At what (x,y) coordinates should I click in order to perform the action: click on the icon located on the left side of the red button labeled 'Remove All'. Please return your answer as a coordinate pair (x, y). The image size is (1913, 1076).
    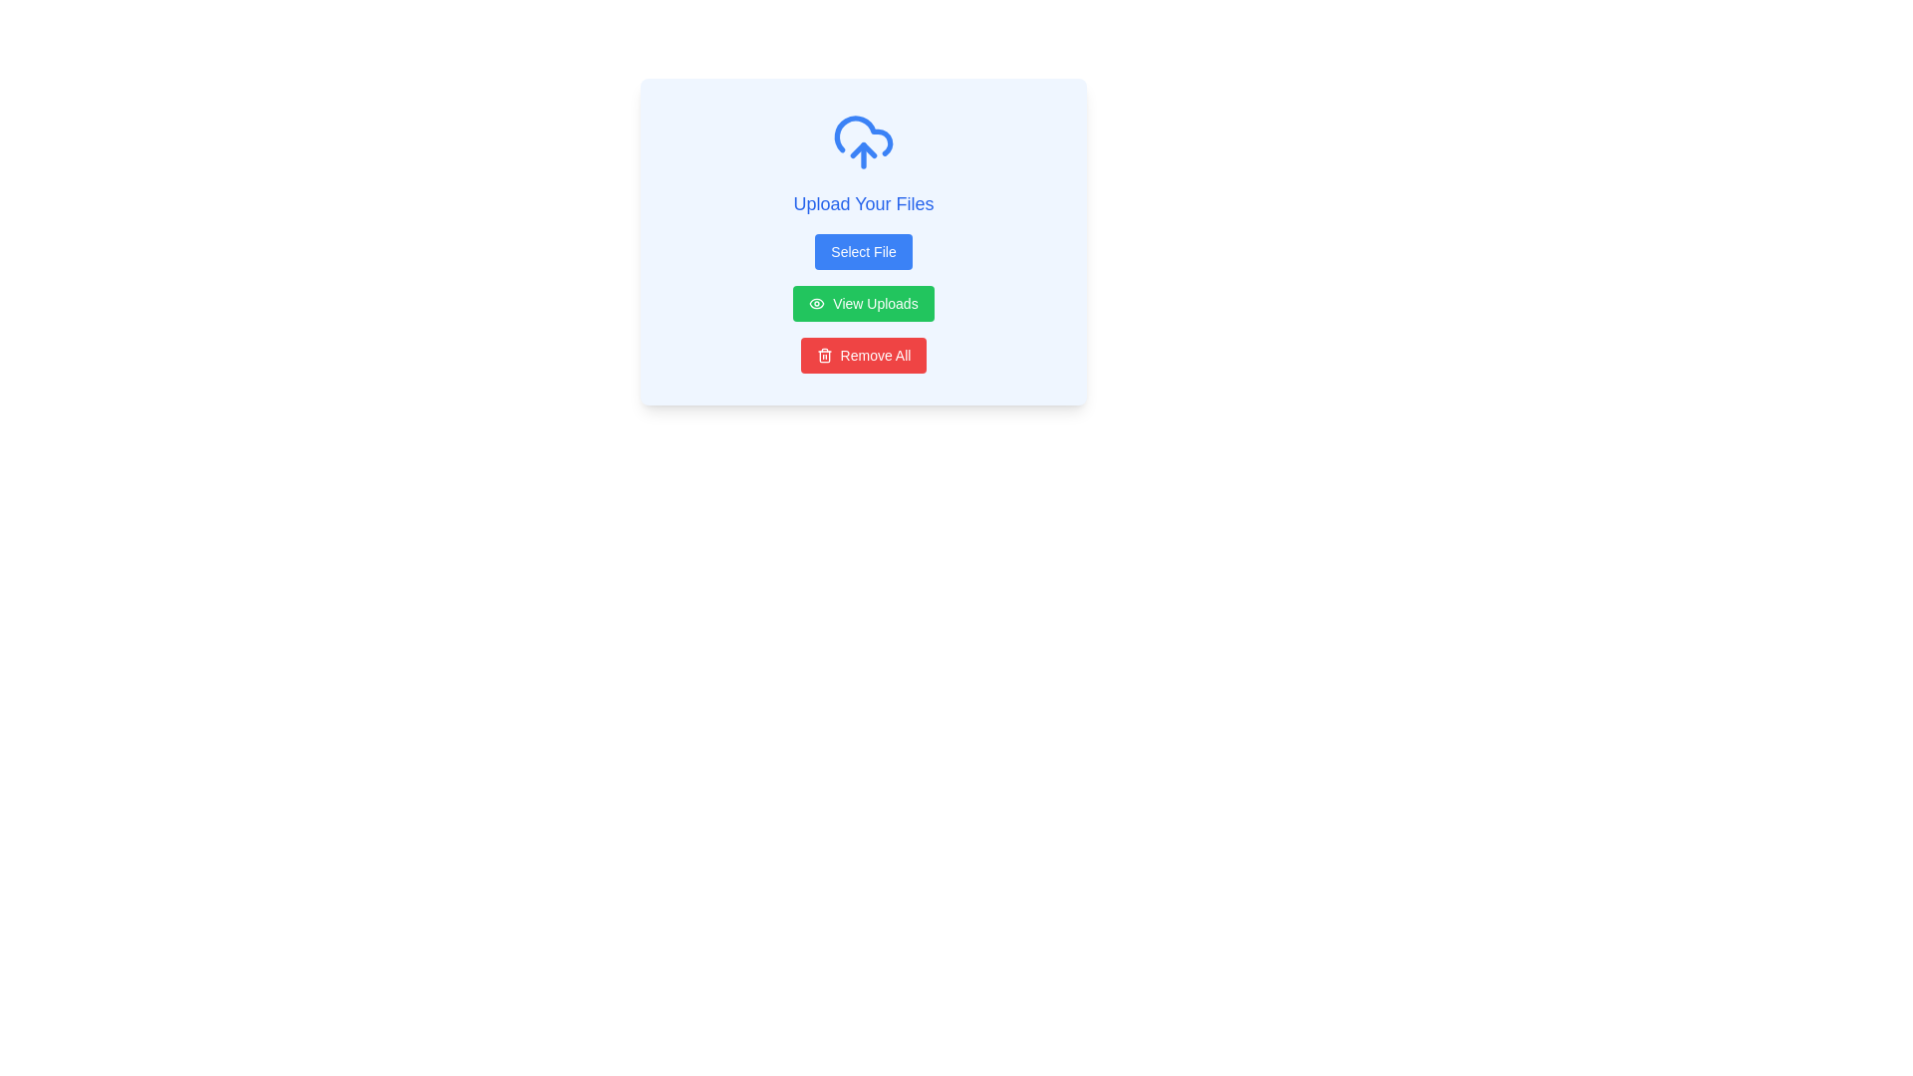
    Looking at the image, I should click on (824, 355).